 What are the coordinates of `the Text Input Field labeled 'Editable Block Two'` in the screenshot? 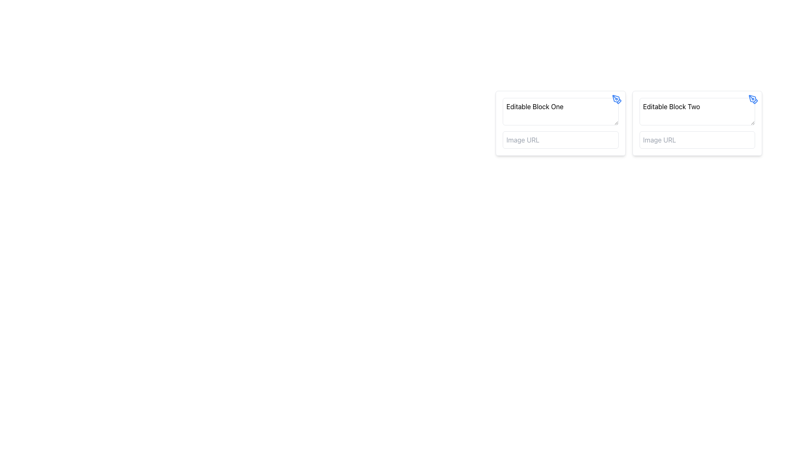 It's located at (697, 111).